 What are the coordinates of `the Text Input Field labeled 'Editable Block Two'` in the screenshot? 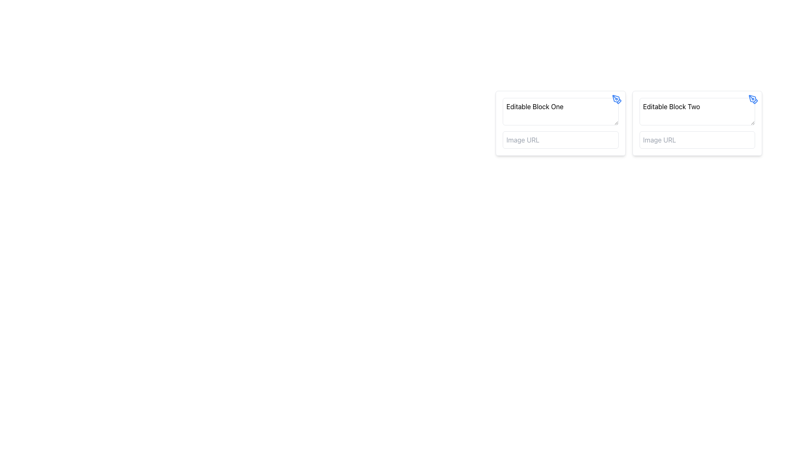 It's located at (697, 111).